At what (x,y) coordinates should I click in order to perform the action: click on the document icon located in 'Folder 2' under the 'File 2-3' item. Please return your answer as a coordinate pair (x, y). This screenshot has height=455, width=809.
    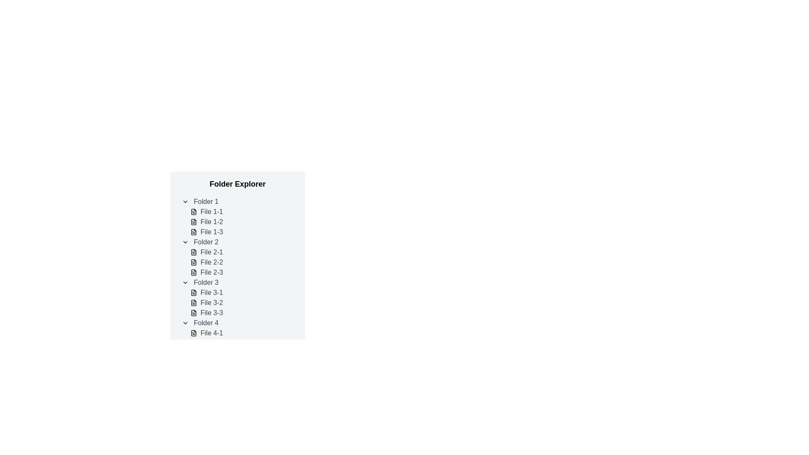
    Looking at the image, I should click on (193, 273).